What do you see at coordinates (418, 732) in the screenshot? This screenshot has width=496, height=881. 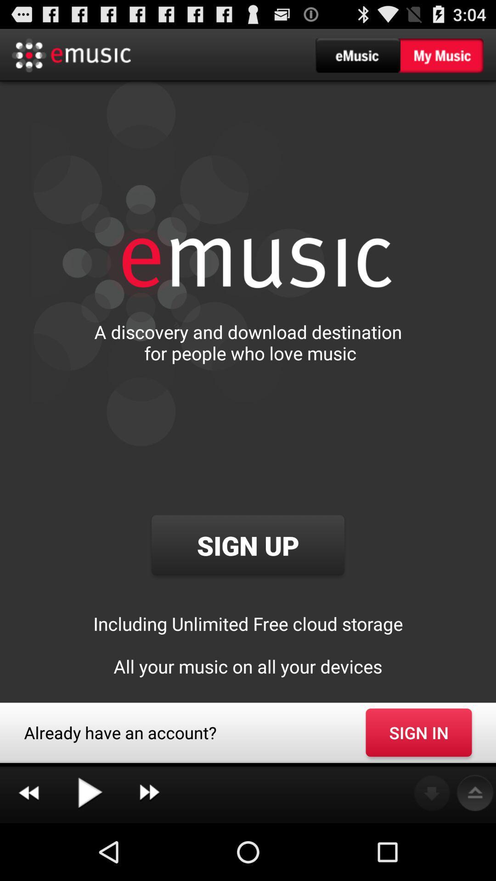 I see `sign in` at bounding box center [418, 732].